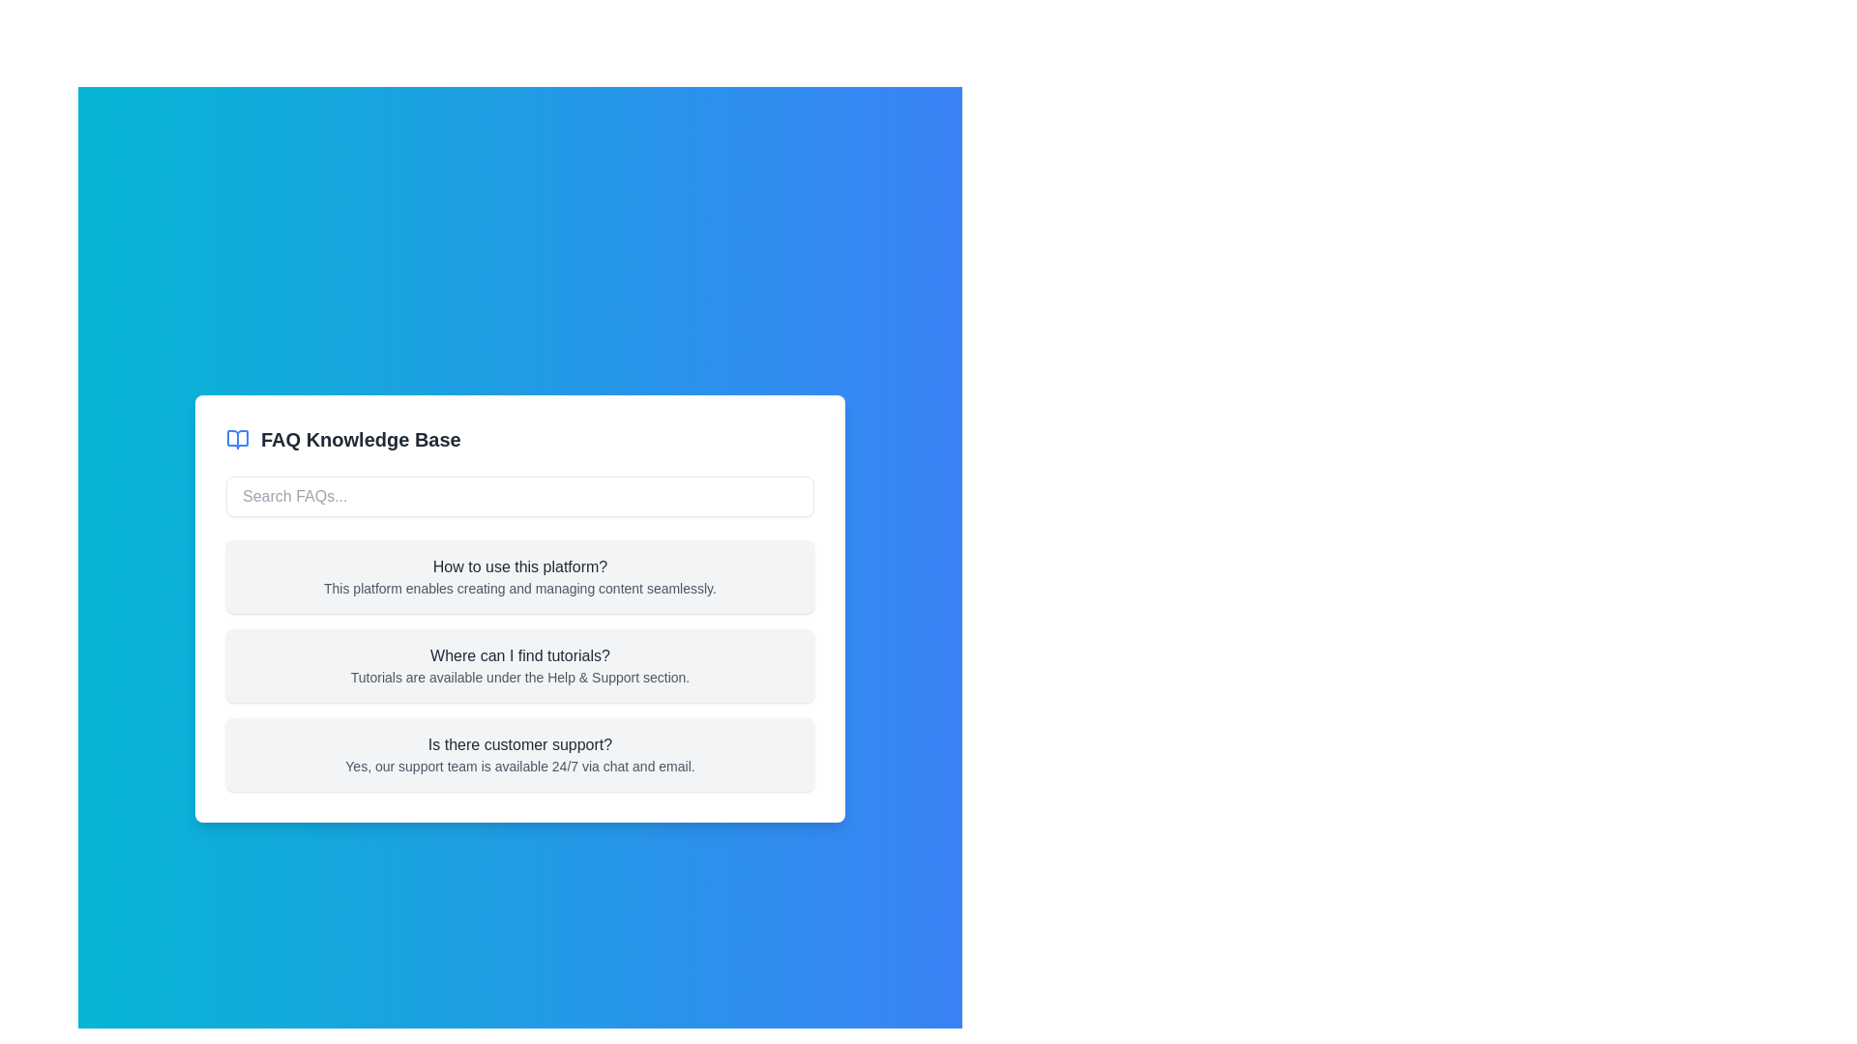 The width and height of the screenshot is (1857, 1044). What do you see at coordinates (519, 744) in the screenshot?
I see `the static text label reading 'Is there customer support?' which is styled with medium font weight and dark gray color, positioned at the bottom of the FAQ section inside a card element` at bounding box center [519, 744].